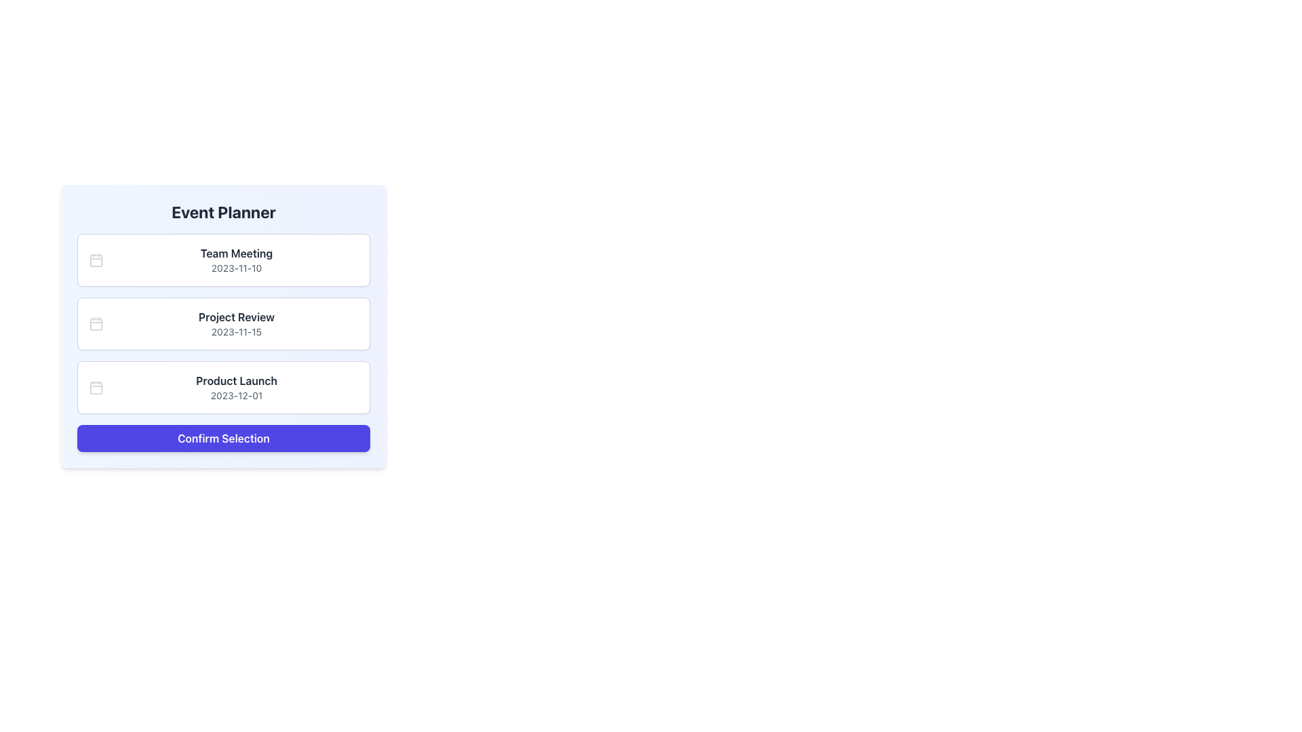  I want to click on the informational text label indicating the date '2023-11-15' of the 'Project Review' event, which is positioned directly below the bold title 'Project Review', so click(237, 331).